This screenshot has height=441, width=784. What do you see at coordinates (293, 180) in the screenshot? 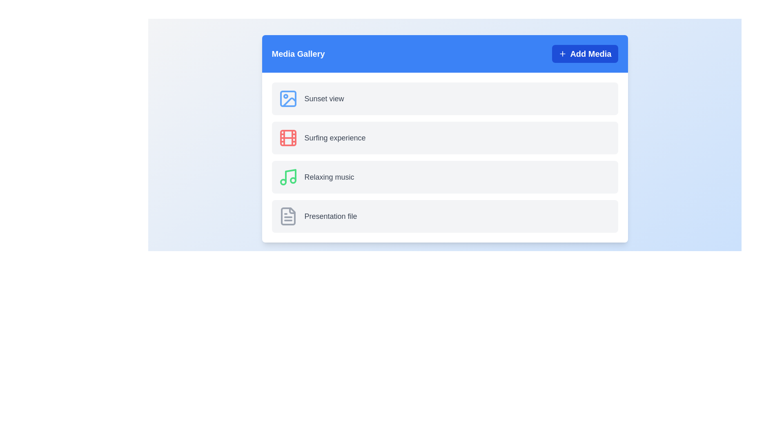
I see `the SVG circle element that visually denotes an aspect of the 'Relaxing music' item located within the third item of the vertical list in the 'Media Gallery'` at bounding box center [293, 180].